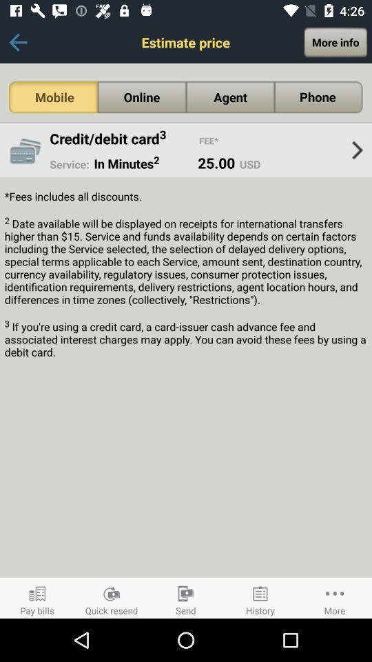  Describe the element at coordinates (17, 42) in the screenshot. I see `the item next to the estimate price` at that location.